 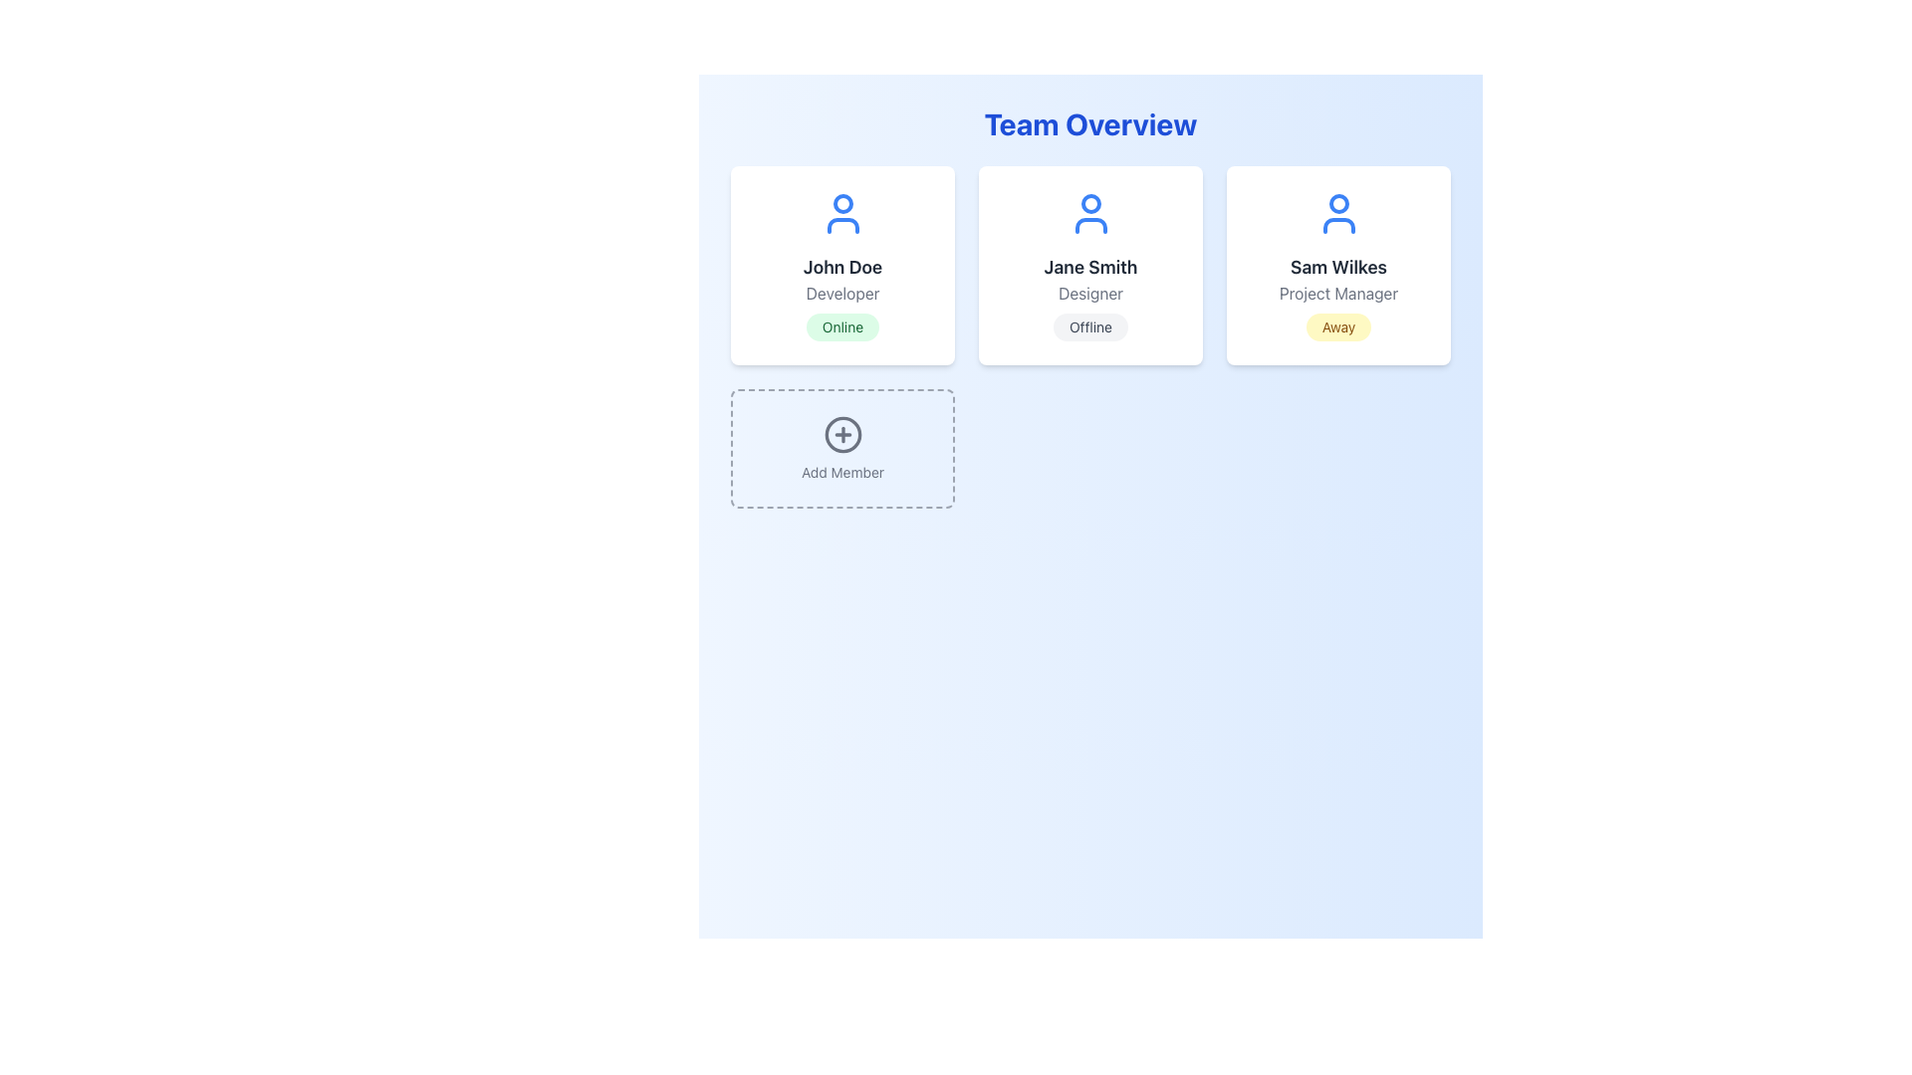 I want to click on the decorative icon representing the user profile of 'Sam Wilkes - Project Manager', which is located above the title text, so click(x=1338, y=214).